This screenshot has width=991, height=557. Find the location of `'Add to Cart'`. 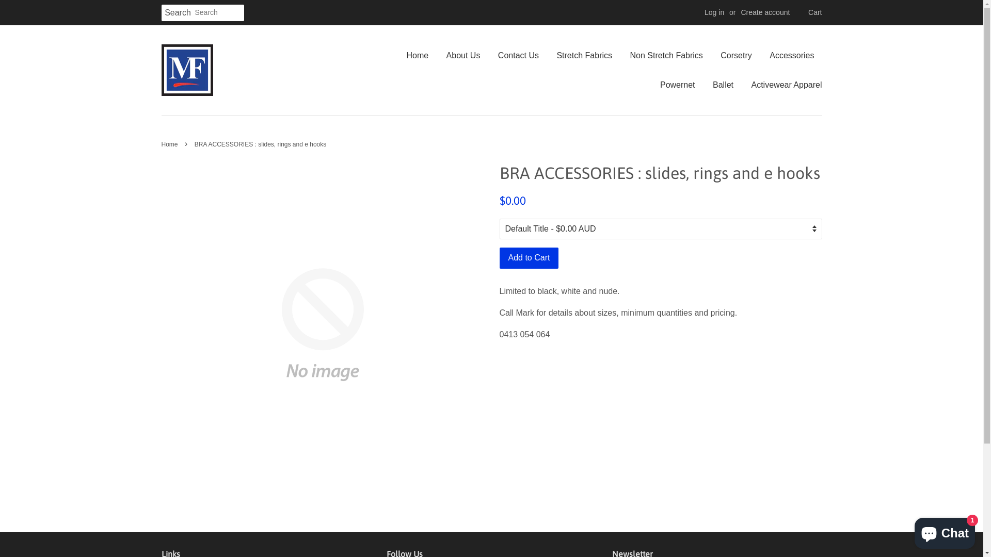

'Add to Cart' is located at coordinates (529, 257).